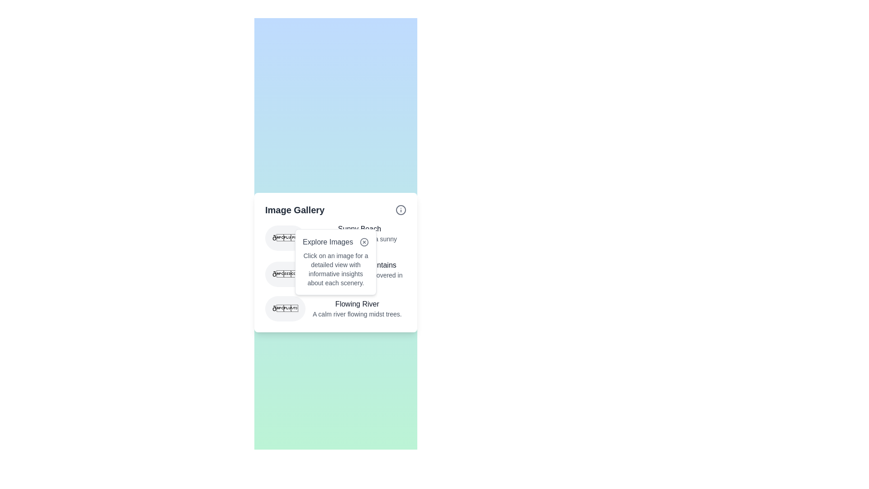  I want to click on the icon component (circle within SVG) located at the top-right corner of the 'Image Gallery' card, adjacent to the gallery title and descriptions, so click(401, 210).